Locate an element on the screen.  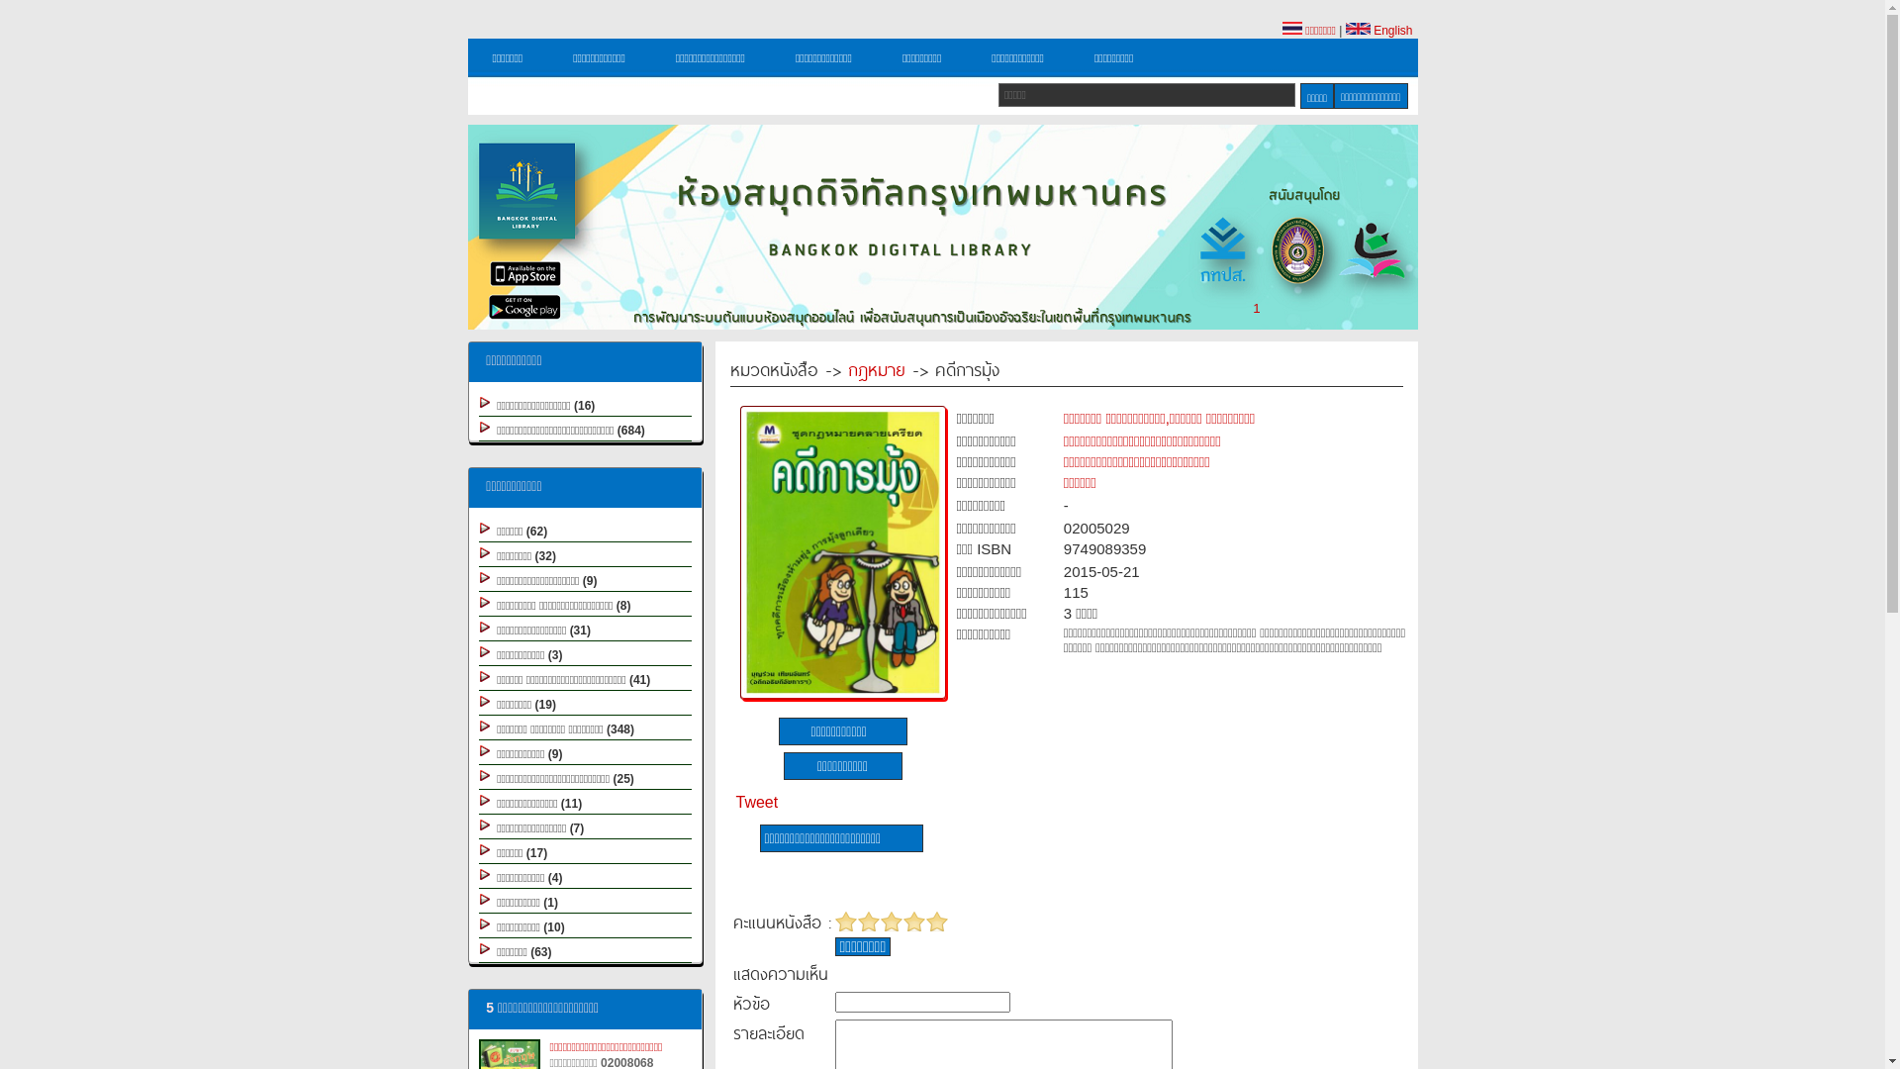
'Tweet' is located at coordinates (756, 802).